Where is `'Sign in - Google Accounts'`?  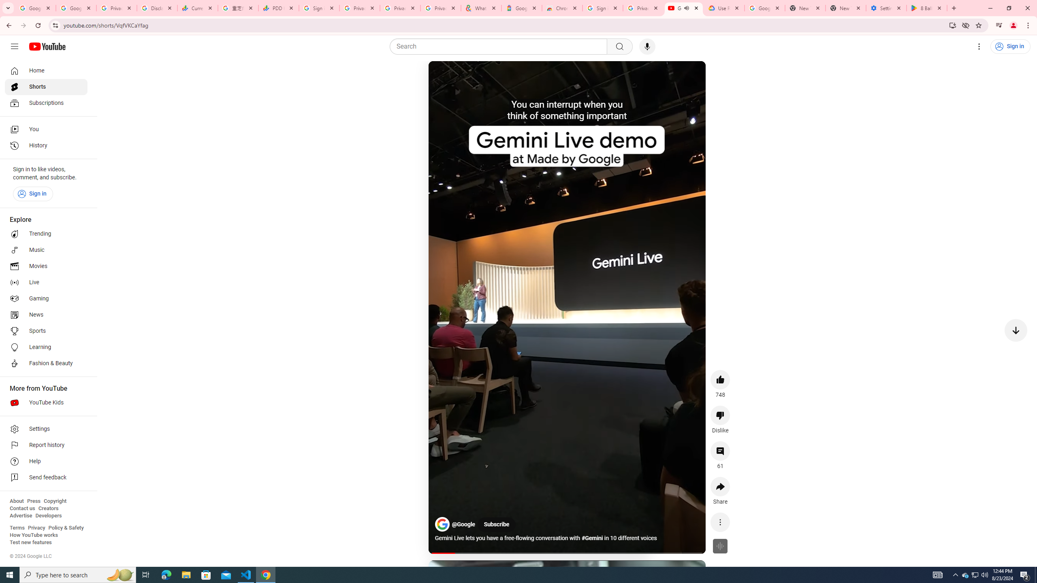
'Sign in - Google Accounts' is located at coordinates (319, 8).